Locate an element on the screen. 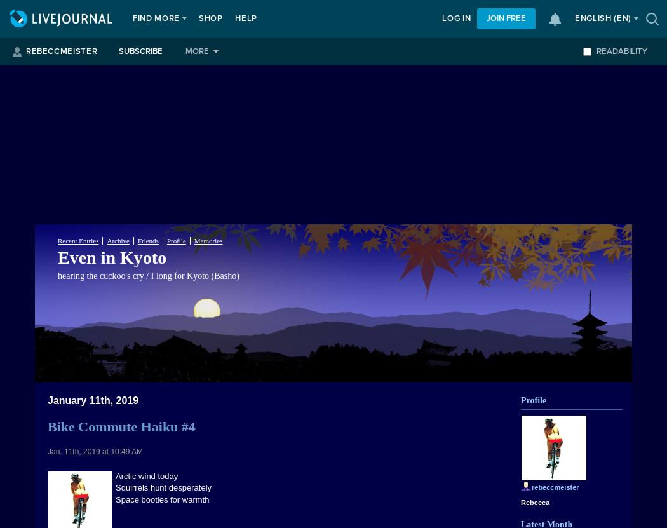 The height and width of the screenshot is (528, 667). 'hearing the cuckoo's cry / I long for Kyoto (Basho)' is located at coordinates (148, 275).